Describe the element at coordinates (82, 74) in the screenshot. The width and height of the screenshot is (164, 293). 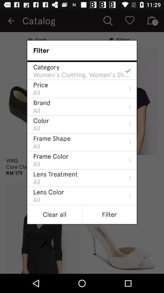
I see `the item above price icon` at that location.